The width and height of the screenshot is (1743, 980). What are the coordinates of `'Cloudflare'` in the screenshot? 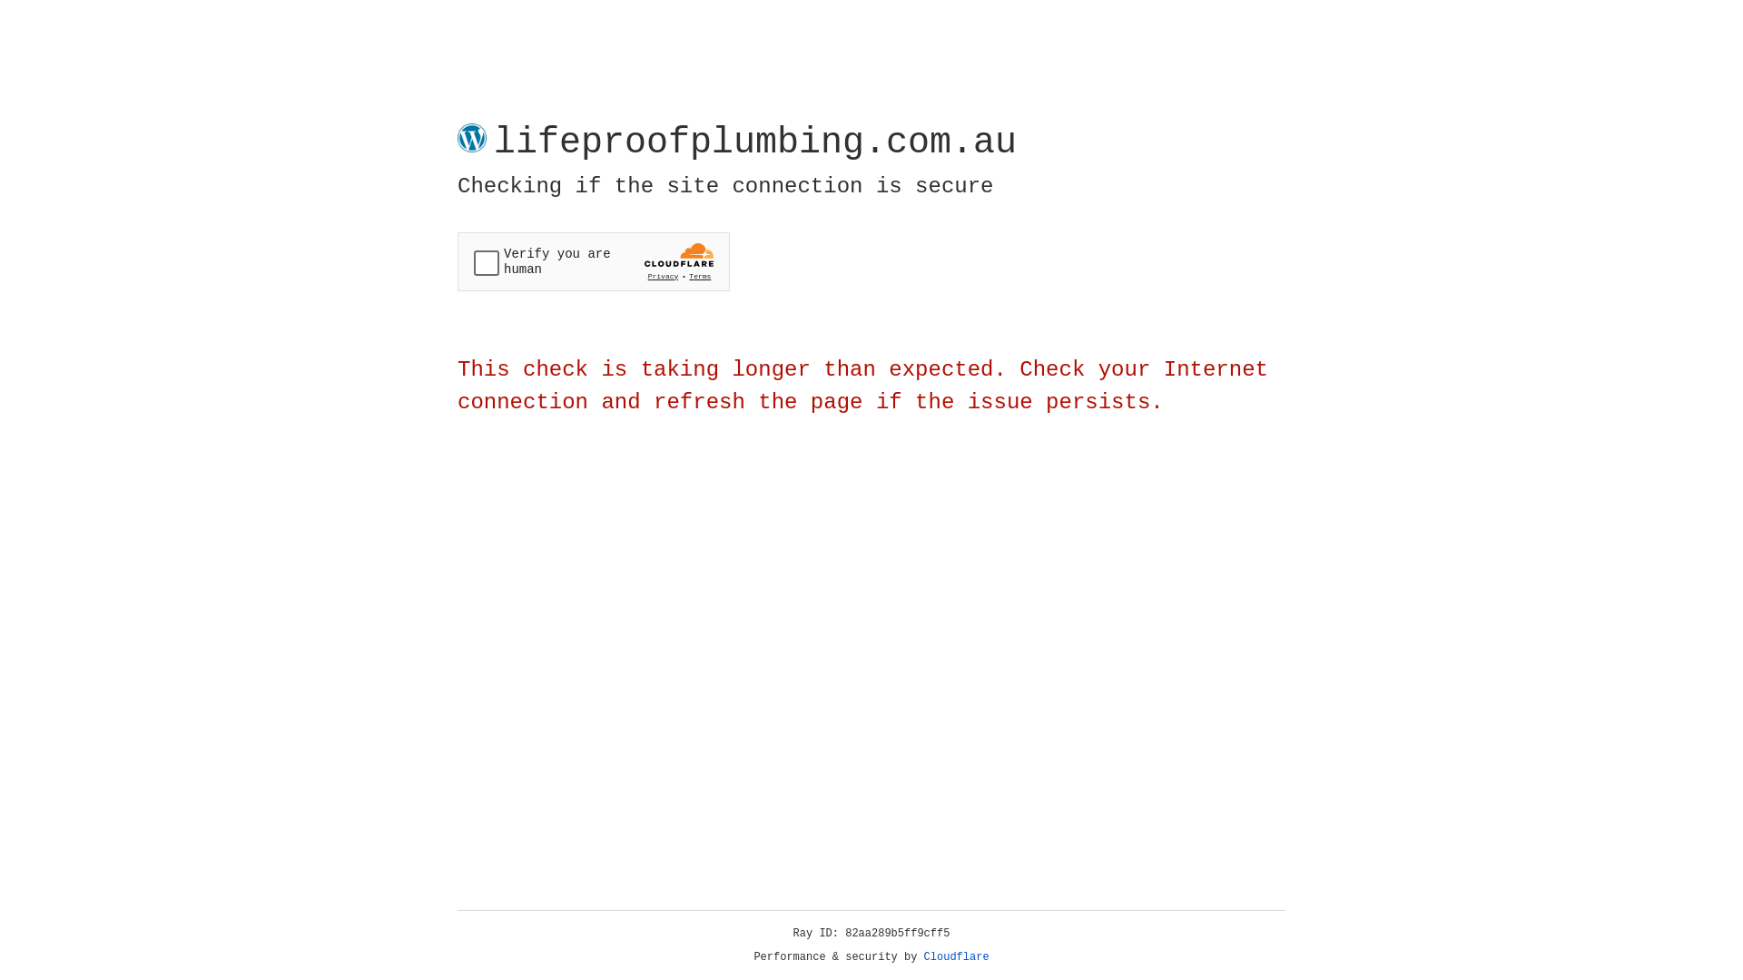 It's located at (956, 956).